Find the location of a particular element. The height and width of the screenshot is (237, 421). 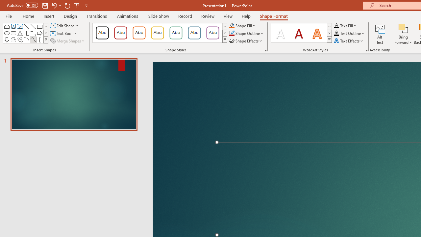

'Record' is located at coordinates (185, 16).